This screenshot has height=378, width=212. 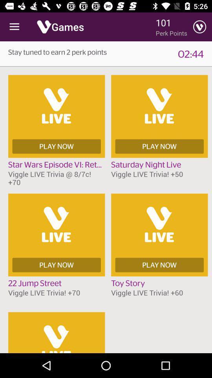 I want to click on the item to the right of perk points item, so click(x=199, y=27).